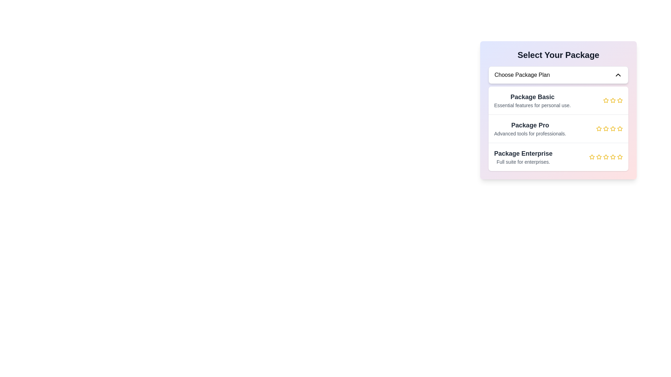 The image size is (671, 377). What do you see at coordinates (612, 129) in the screenshot?
I see `the fifth star icon in the rating system for the 'Package Pro' option to receive additional interaction feedback` at bounding box center [612, 129].